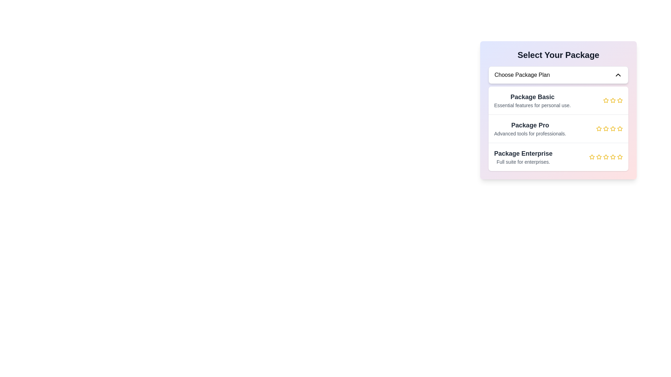 The image size is (671, 377). What do you see at coordinates (612, 129) in the screenshot?
I see `the fifth star icon in the rating system for the 'Package Pro' option to receive additional interaction feedback` at bounding box center [612, 129].